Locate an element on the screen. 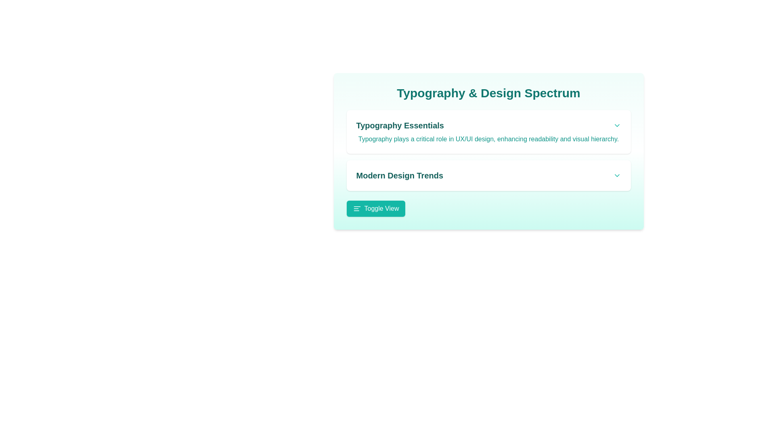 Image resolution: width=775 pixels, height=436 pixels. the text 'Modern Design Trends' displayed in a bold teal font is located at coordinates (400, 175).